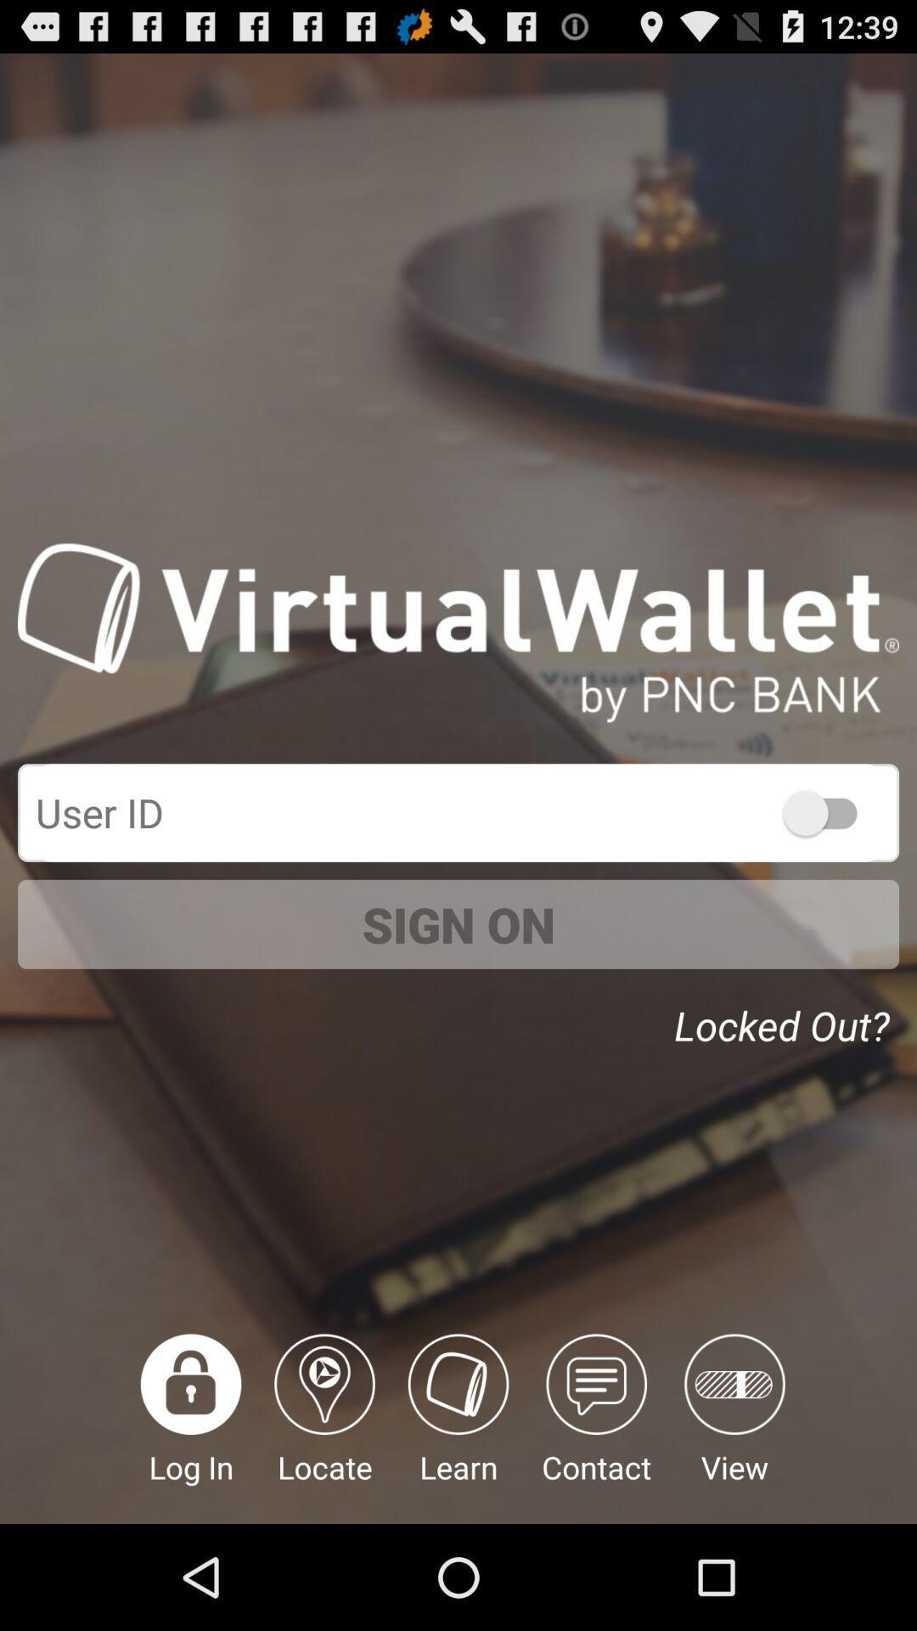 The height and width of the screenshot is (1631, 917). I want to click on item to the left of the learn icon, so click(324, 1428).